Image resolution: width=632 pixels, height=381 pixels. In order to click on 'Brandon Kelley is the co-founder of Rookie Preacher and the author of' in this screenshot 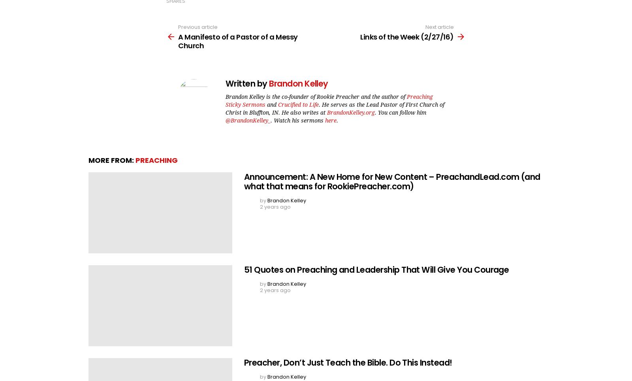, I will do `click(316, 96)`.